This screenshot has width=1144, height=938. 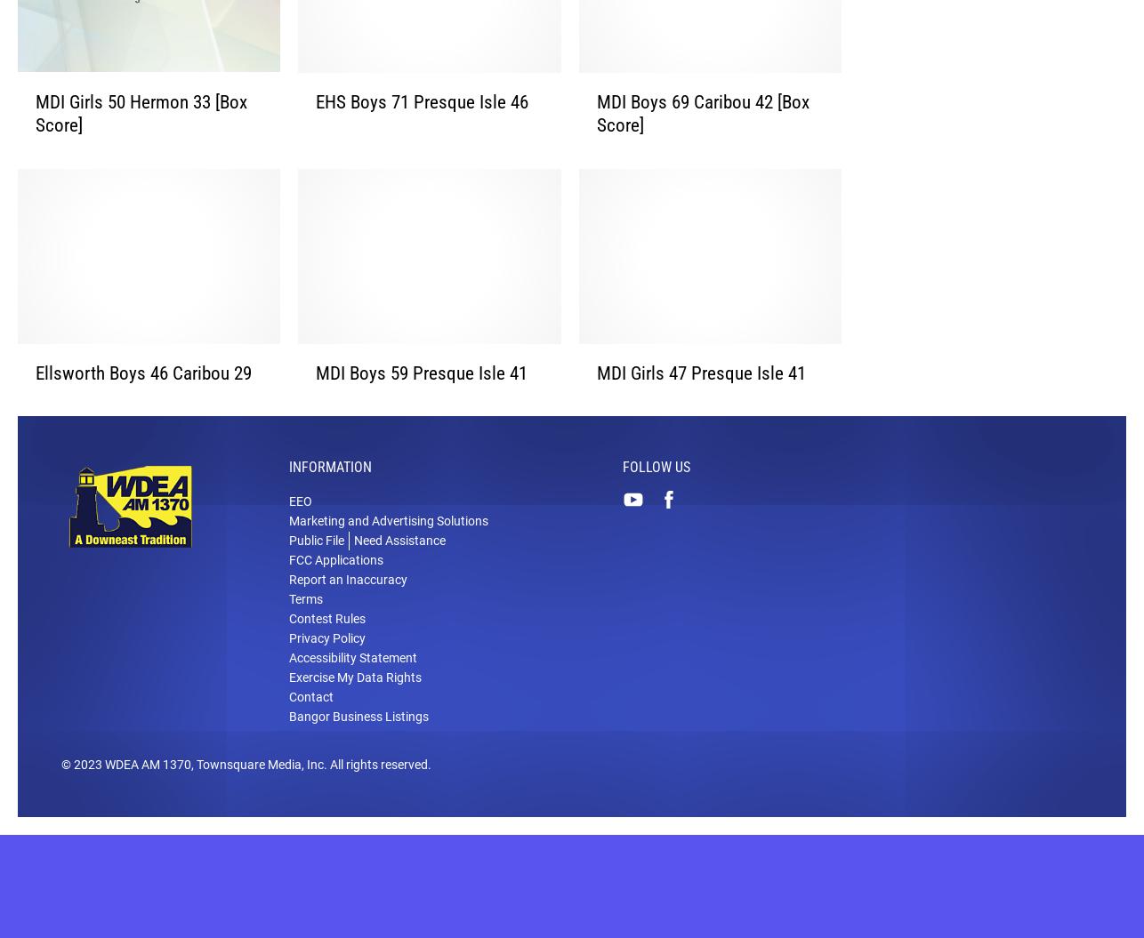 I want to click on 'Privacy Policy', so click(x=287, y=666).